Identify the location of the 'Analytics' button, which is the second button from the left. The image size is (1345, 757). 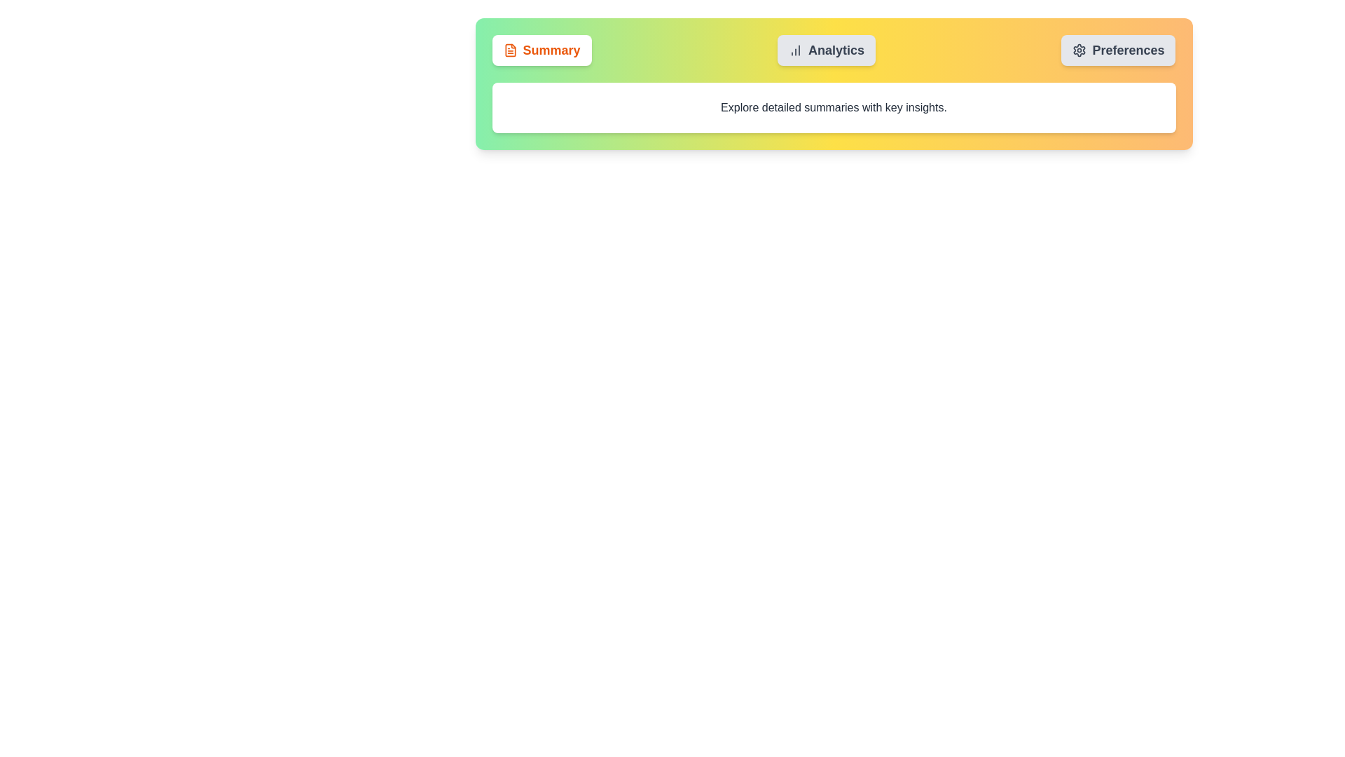
(834, 50).